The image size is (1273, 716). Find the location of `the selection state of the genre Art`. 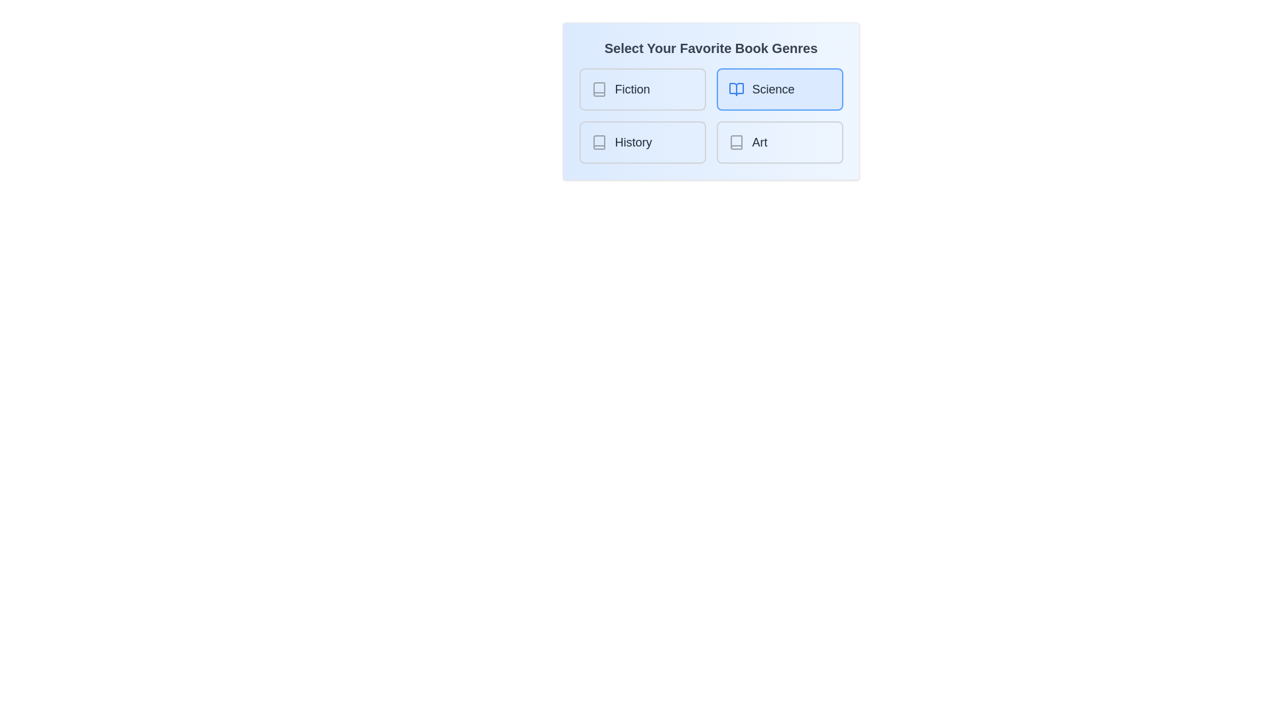

the selection state of the genre Art is located at coordinates (780, 143).